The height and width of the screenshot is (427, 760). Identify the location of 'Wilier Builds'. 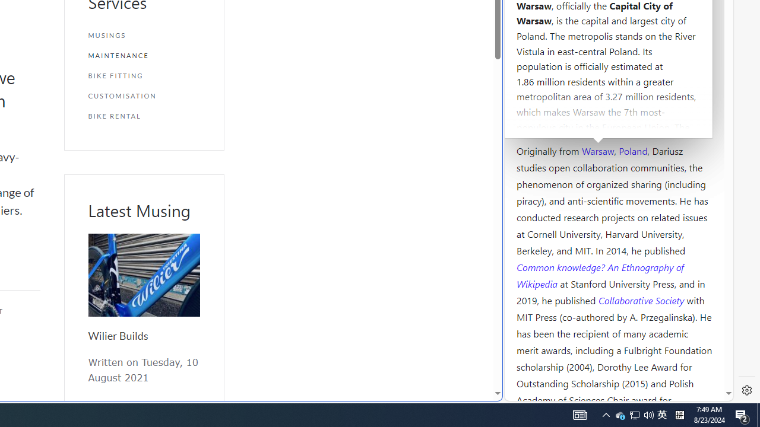
(118, 336).